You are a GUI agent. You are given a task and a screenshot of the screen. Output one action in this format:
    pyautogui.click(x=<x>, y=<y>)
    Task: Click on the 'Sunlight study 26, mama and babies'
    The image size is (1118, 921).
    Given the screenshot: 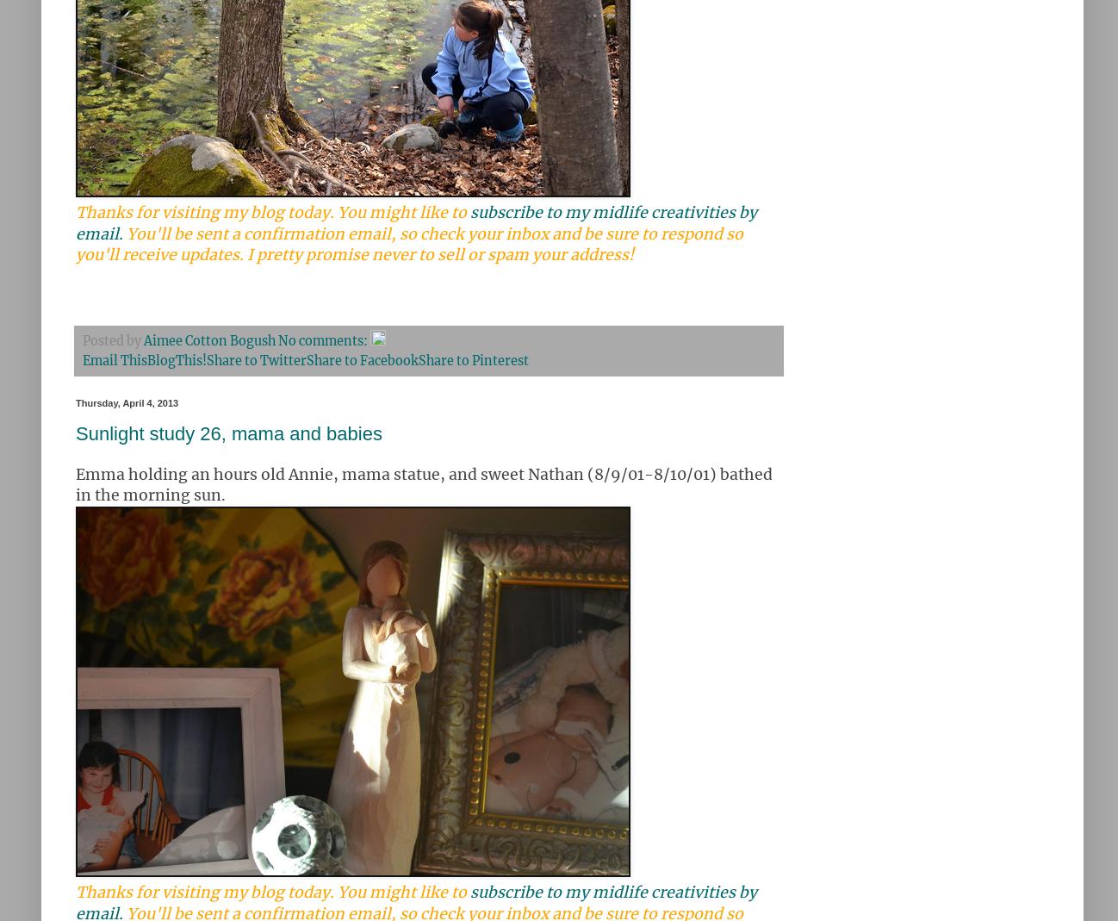 What is the action you would take?
    pyautogui.click(x=227, y=432)
    